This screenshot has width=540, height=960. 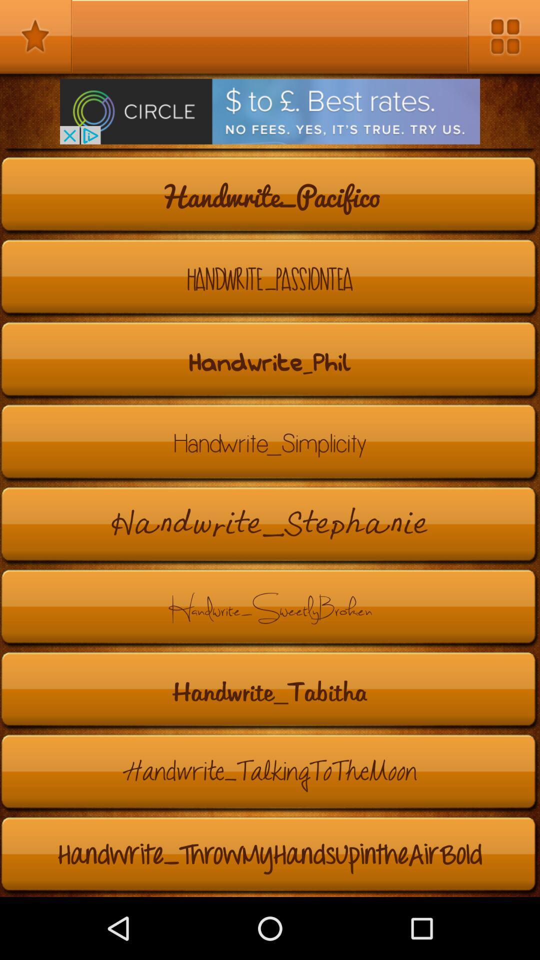 I want to click on more options, so click(x=503, y=36).